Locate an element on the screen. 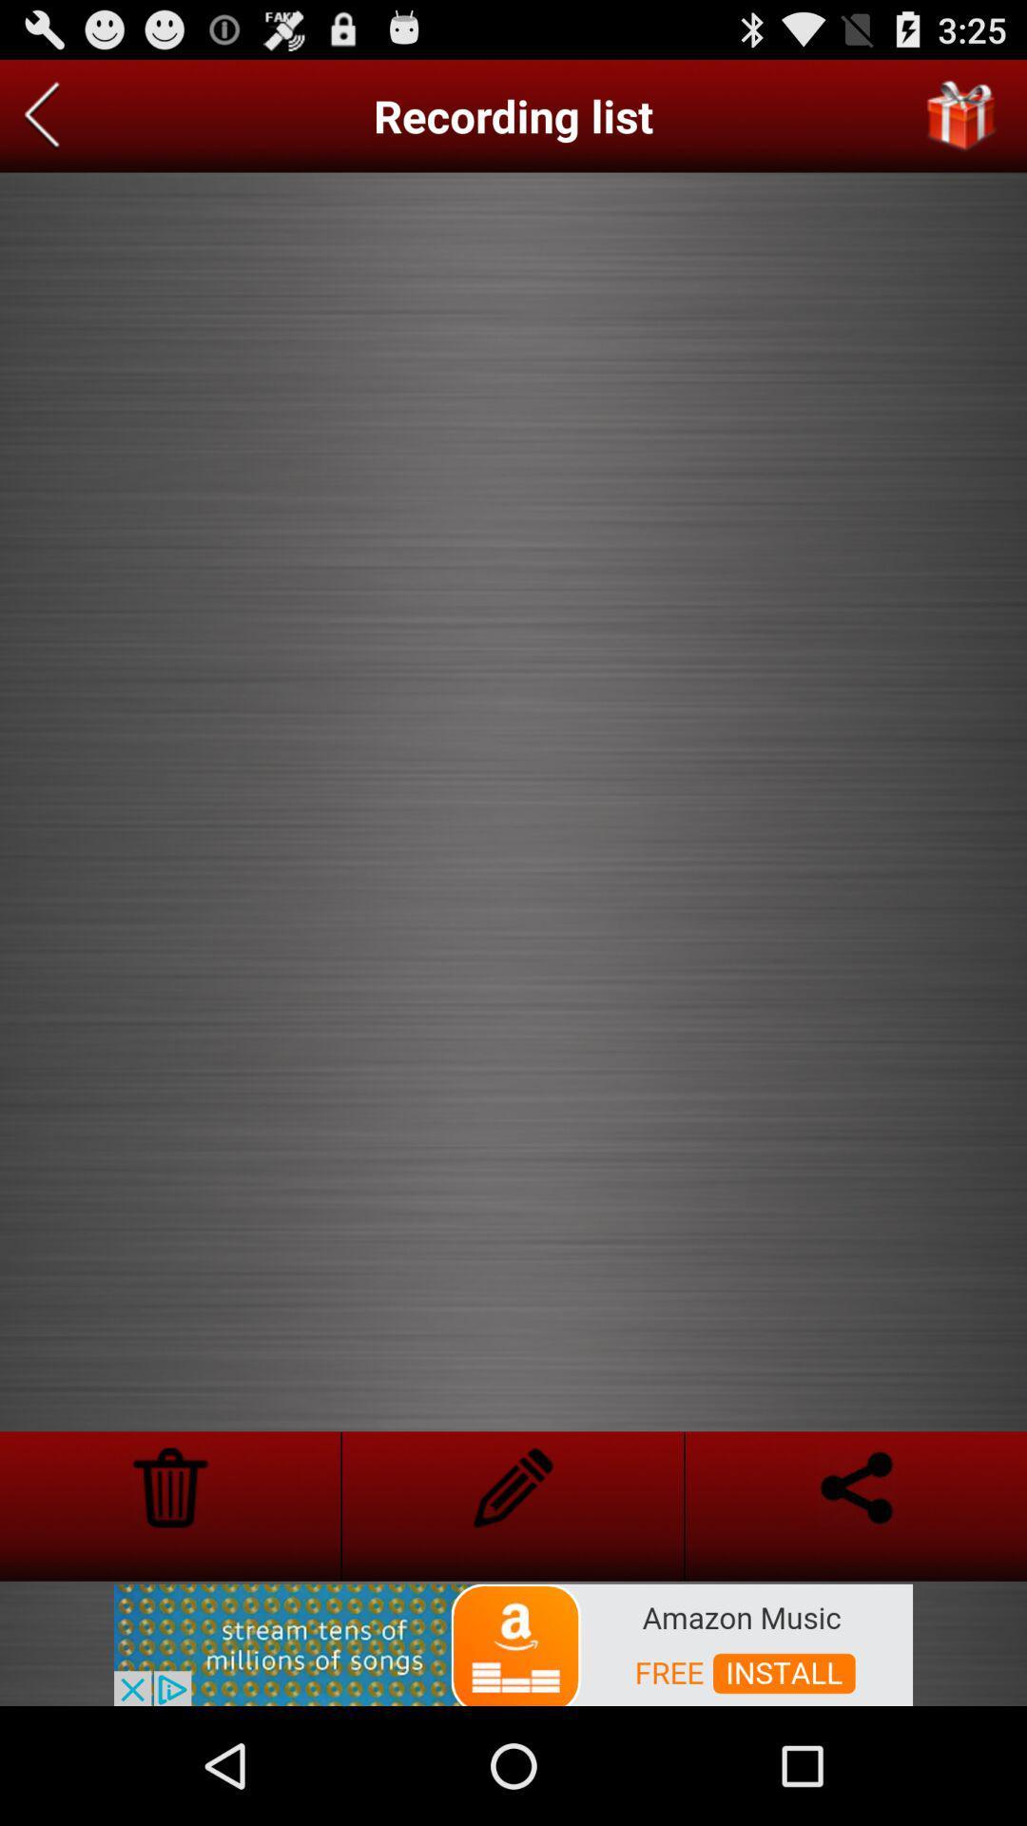  gift pega is located at coordinates (961, 115).